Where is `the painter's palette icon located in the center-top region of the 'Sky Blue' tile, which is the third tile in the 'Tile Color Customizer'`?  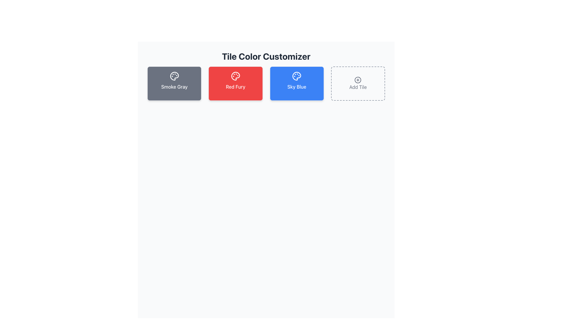 the painter's palette icon located in the center-top region of the 'Sky Blue' tile, which is the third tile in the 'Tile Color Customizer' is located at coordinates (297, 76).